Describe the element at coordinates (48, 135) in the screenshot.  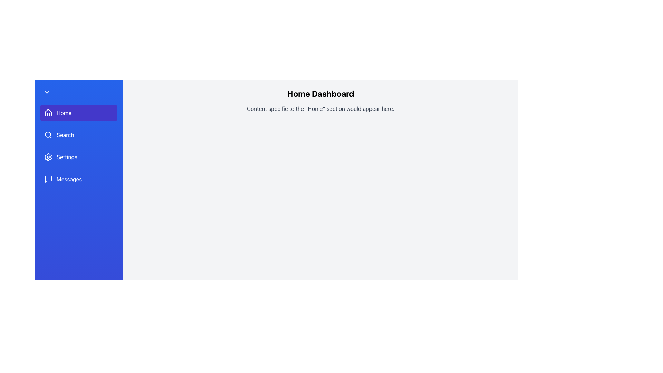
I see `the magnifying glass icon, which is styled in white against a blue background and is located within the navigation bar on the left side of the interface, serving as the first visual element inside the 'Search' button` at that location.